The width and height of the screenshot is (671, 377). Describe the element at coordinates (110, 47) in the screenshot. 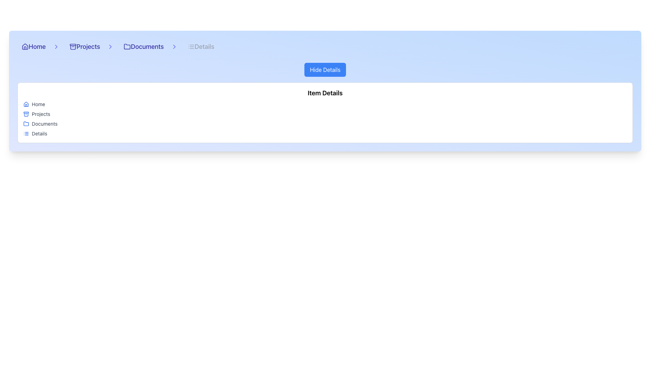

I see `the right-facing chevron icon in the breadcrumb navigation that separates 'Projects' and 'Documents'` at that location.